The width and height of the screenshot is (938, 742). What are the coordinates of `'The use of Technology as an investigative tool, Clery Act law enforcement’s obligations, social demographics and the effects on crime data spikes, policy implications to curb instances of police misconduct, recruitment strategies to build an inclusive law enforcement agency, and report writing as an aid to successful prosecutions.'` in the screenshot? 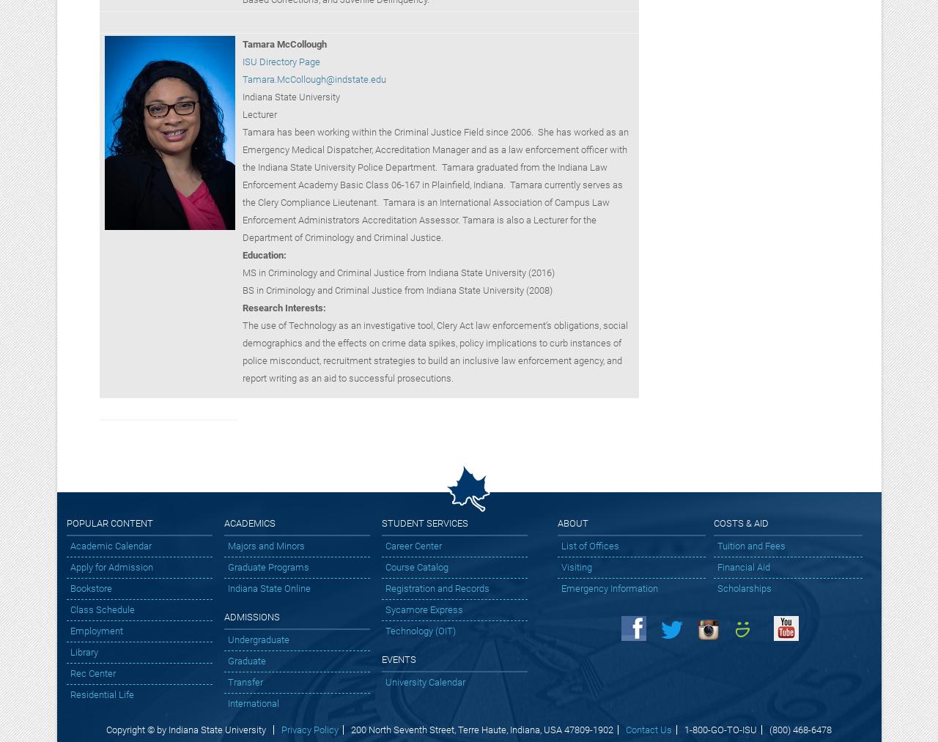 It's located at (434, 350).